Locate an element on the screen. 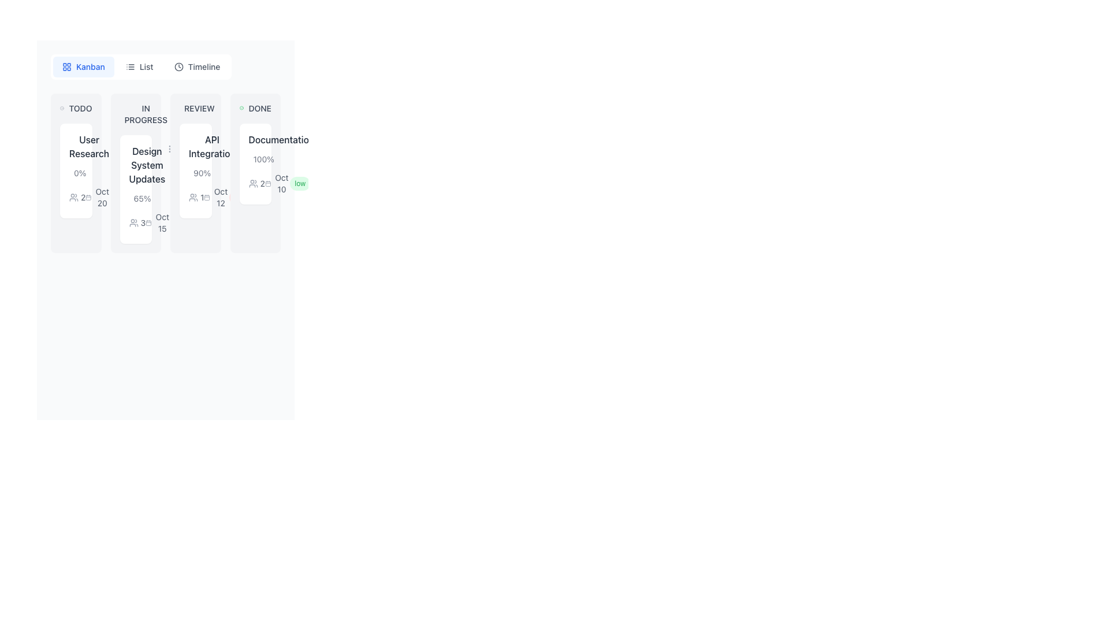 This screenshot has width=1109, height=624. the 'List' view button in the horizontal menu to switch views is located at coordinates (139, 66).